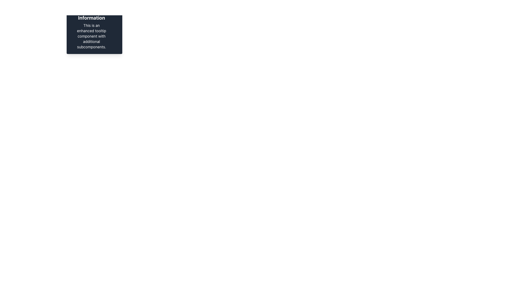  What do you see at coordinates (91, 28) in the screenshot?
I see `the tooltip box with a dark background that displays the header 'Information' and descriptive text 'This is an enhanced tooltip component with additional subcomponents.'` at bounding box center [91, 28].